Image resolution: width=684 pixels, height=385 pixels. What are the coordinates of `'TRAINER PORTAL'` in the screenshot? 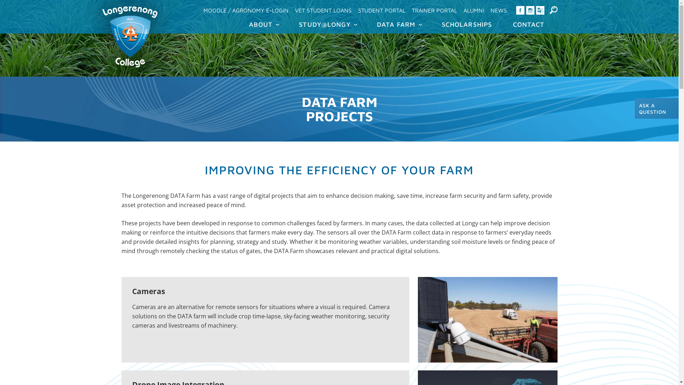 It's located at (434, 10).